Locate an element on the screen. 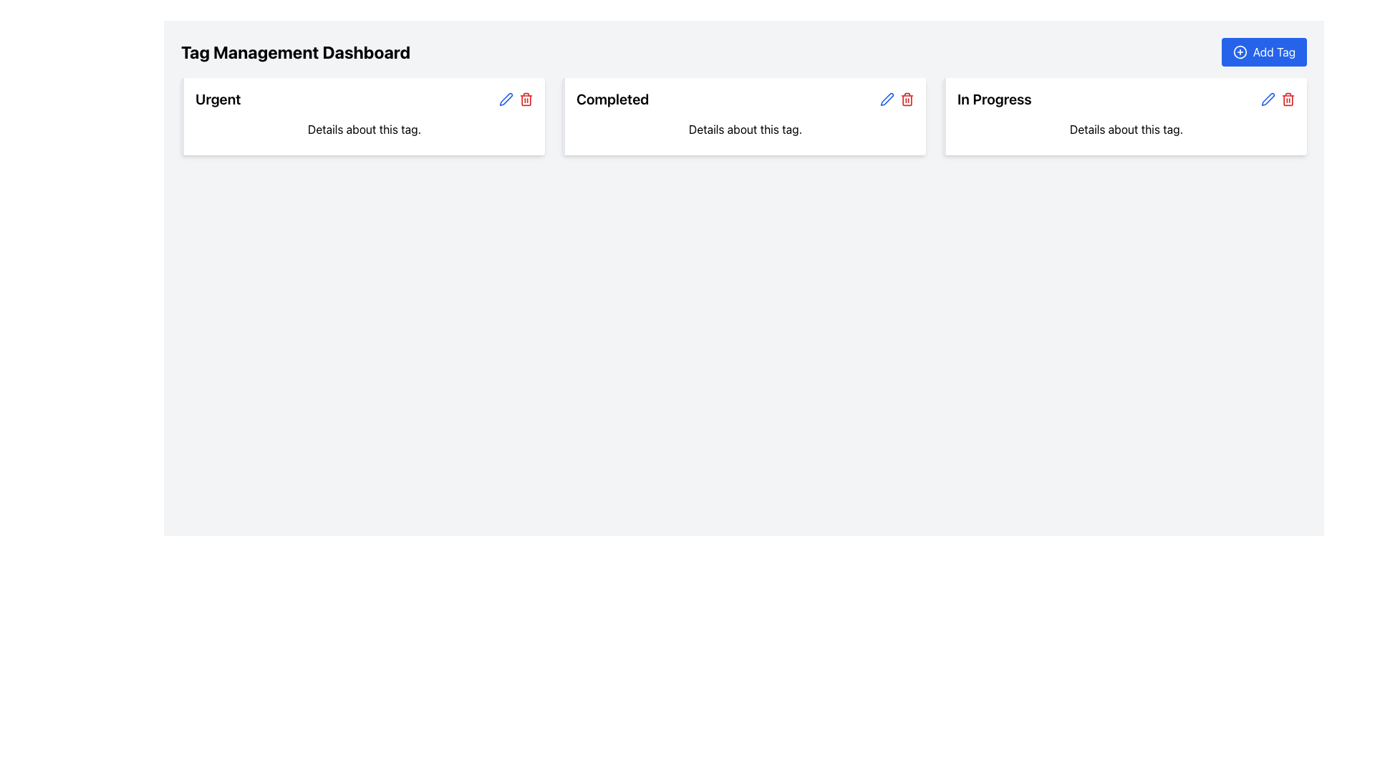  the edit icon located at the top-right corner of the 'Completed' card is located at coordinates (506, 98).